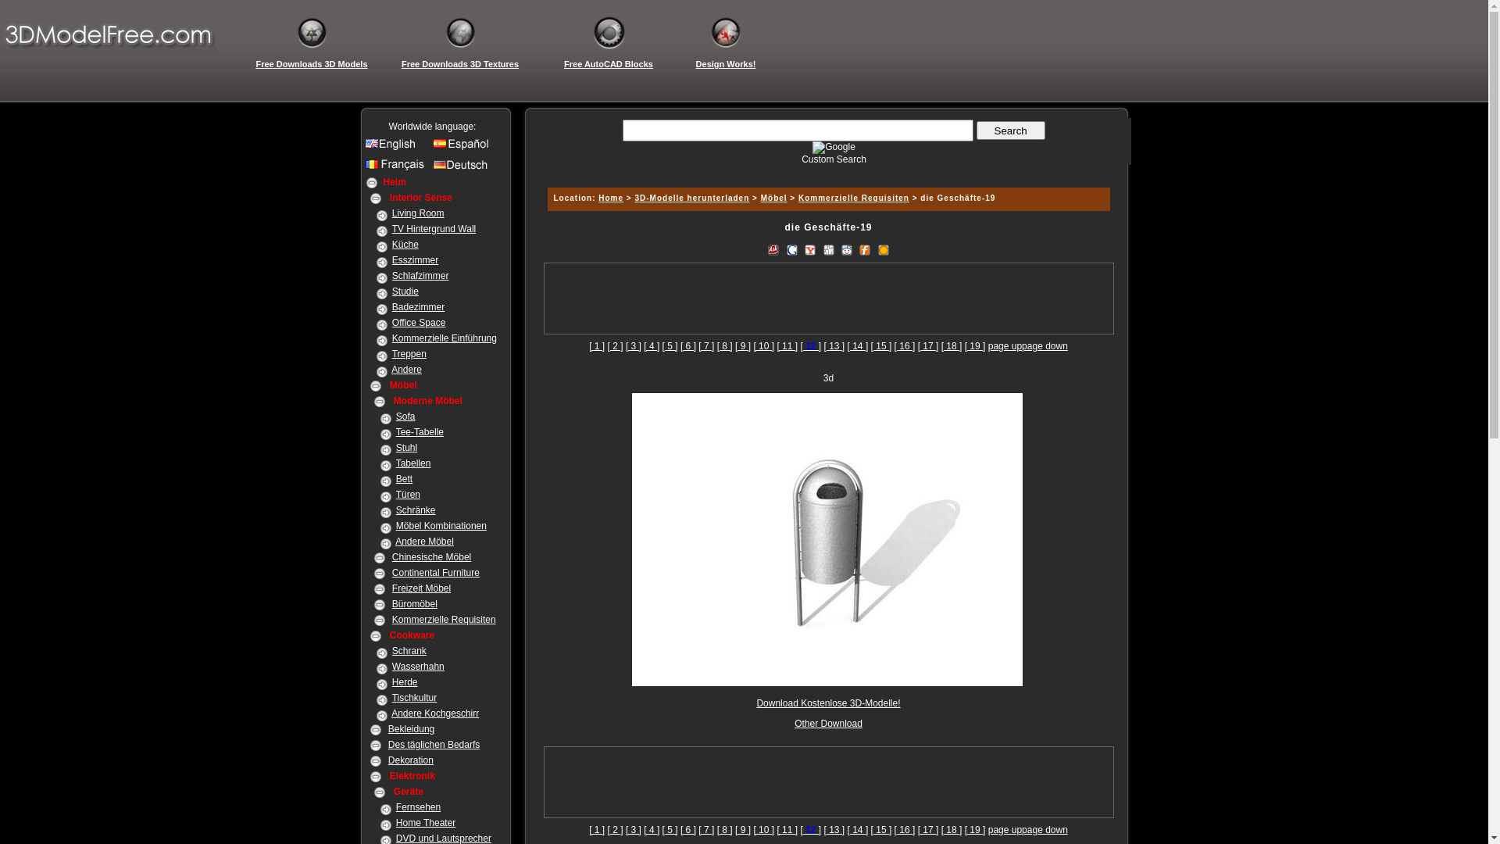  Describe the element at coordinates (405, 415) in the screenshot. I see `'Sofa'` at that location.